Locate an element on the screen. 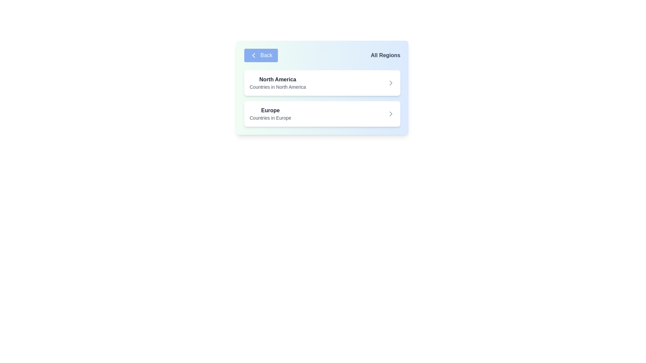 This screenshot has height=363, width=646. the 'Back' button with a blue background and white text, located at the top-left of the interface is located at coordinates (260, 55).